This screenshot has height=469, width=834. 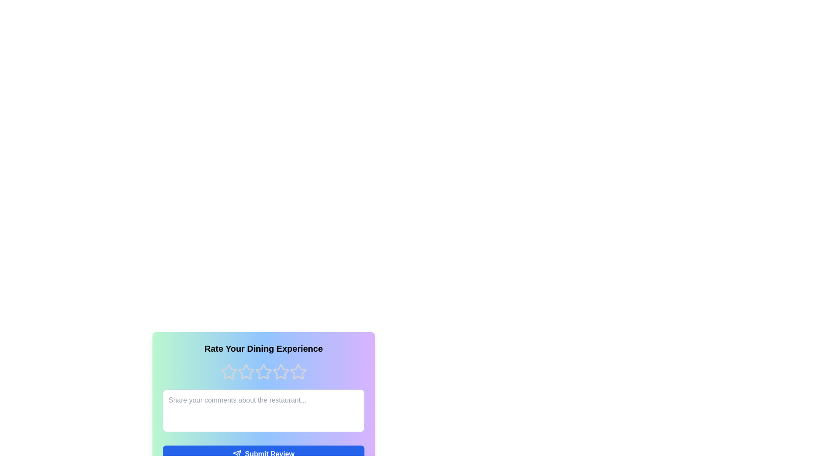 I want to click on the second star in the sequence of five identical star icons, so click(x=245, y=371).